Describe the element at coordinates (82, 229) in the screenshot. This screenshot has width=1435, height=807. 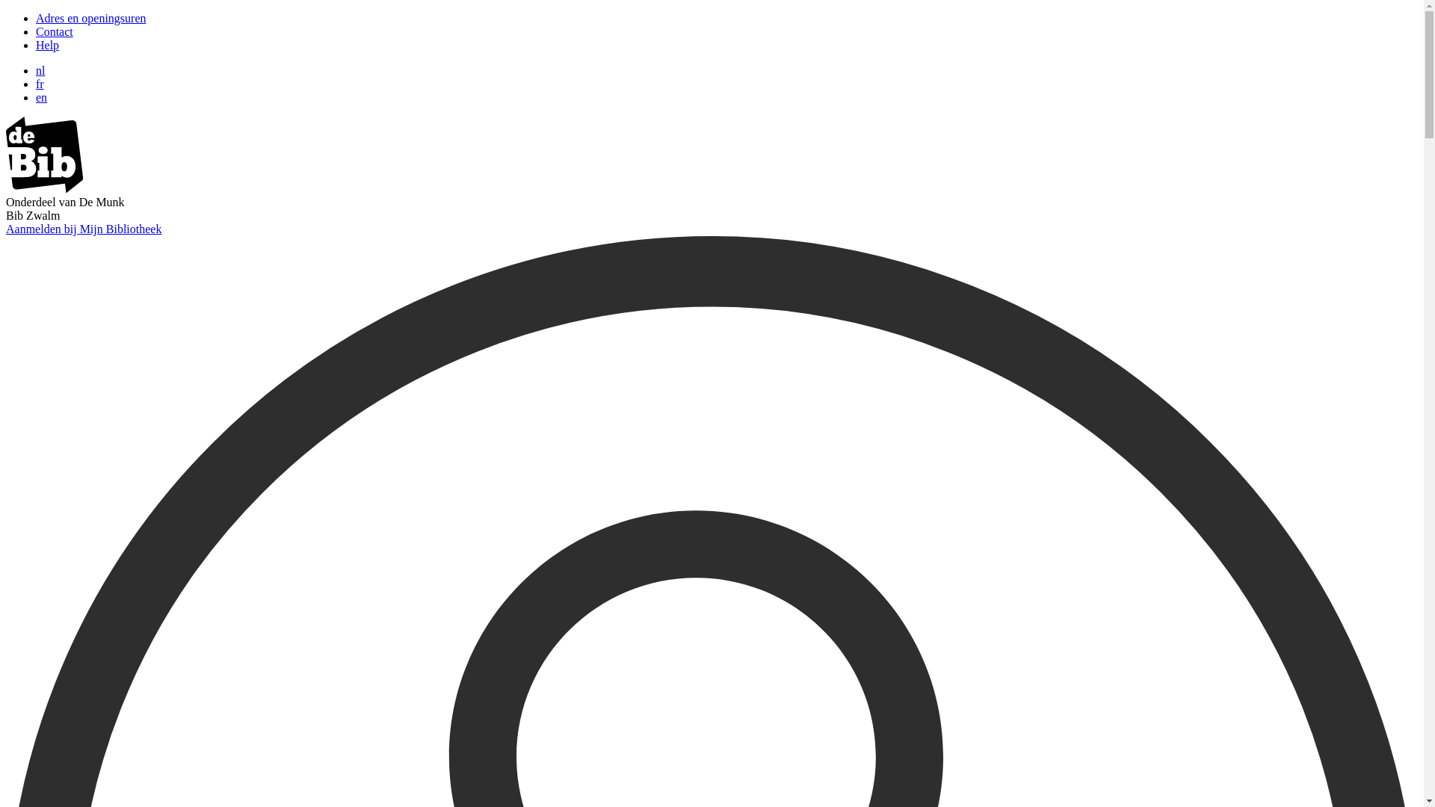
I see `'Aanmelden bij Mijn Bibliotheek'` at that location.